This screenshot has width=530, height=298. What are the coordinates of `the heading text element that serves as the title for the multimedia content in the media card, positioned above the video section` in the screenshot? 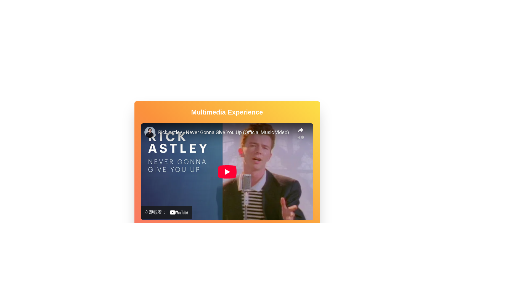 It's located at (227, 112).